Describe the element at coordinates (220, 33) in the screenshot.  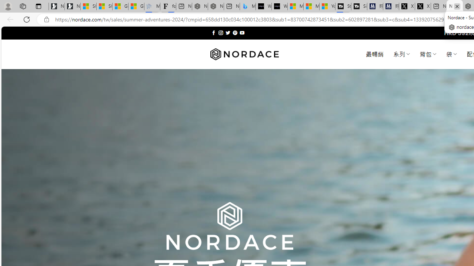
I see `'Follow on Instagram'` at that location.